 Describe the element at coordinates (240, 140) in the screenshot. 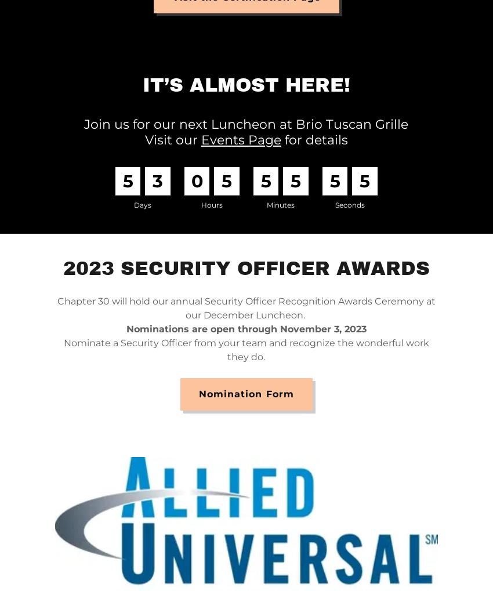

I see `'Events Page'` at that location.